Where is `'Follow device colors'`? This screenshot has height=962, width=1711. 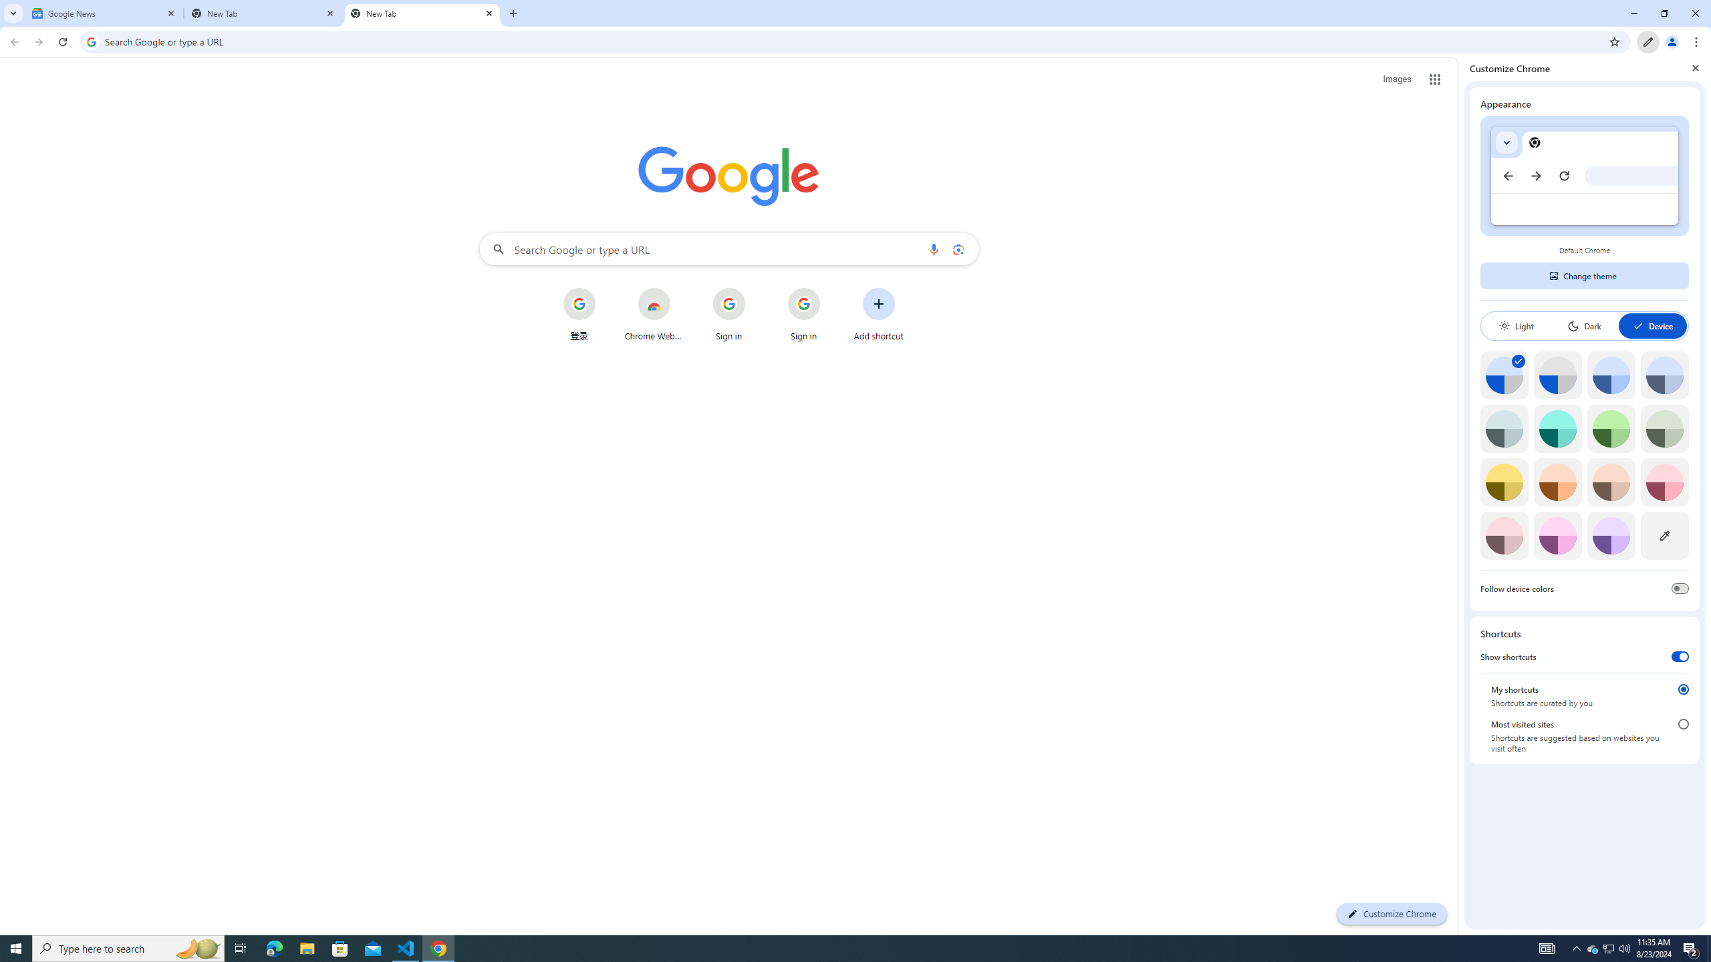
'Follow device colors' is located at coordinates (1679, 588).